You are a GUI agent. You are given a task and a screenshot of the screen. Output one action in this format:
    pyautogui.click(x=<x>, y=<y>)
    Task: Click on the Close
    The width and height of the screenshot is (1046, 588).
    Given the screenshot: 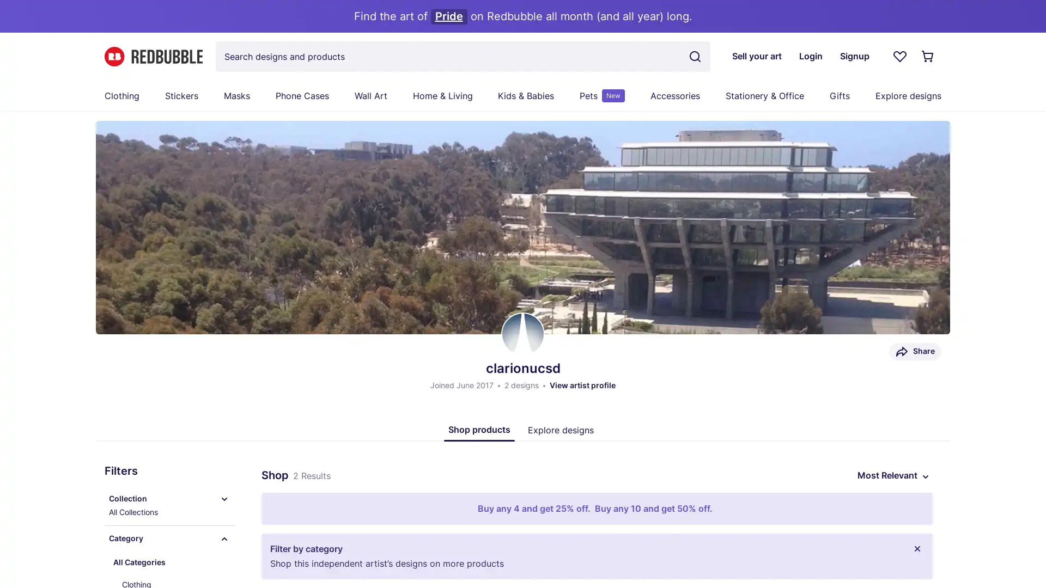 What is the action you would take?
    pyautogui.click(x=917, y=548)
    